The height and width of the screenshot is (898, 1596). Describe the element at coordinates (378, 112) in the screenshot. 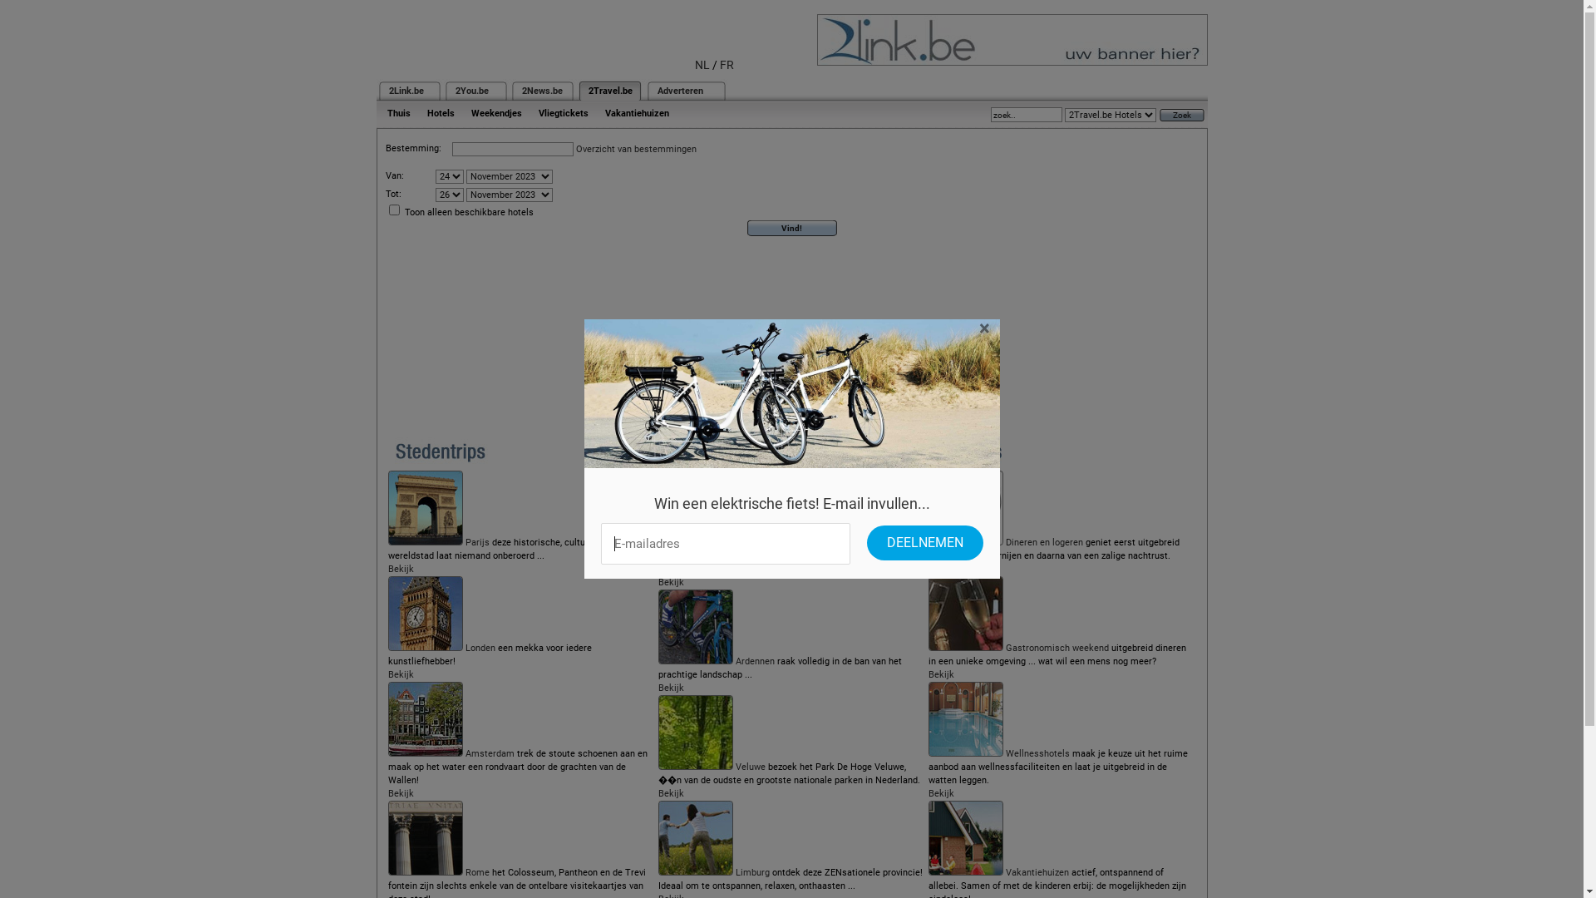

I see `'Thuis'` at that location.